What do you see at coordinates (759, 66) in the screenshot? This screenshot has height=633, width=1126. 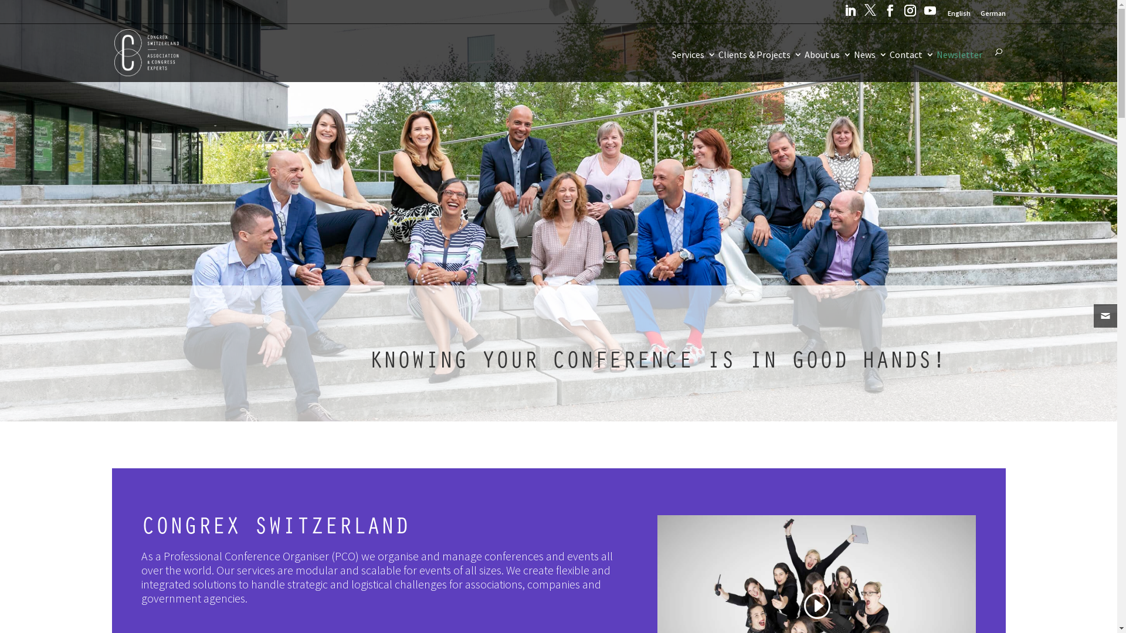 I see `'Clients & Projects'` at bounding box center [759, 66].